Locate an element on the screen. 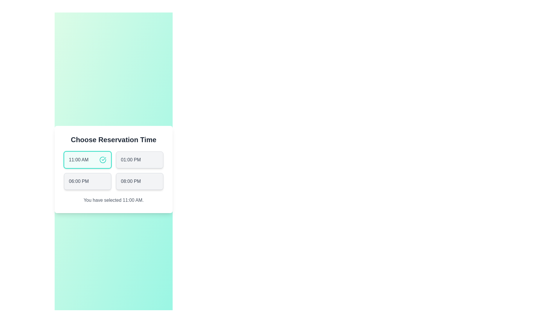 This screenshot has height=314, width=558. the text label indicating the reservation time option '06:00 PM', located in the bottom-left button of the reservation time selection grid is located at coordinates (78, 181).